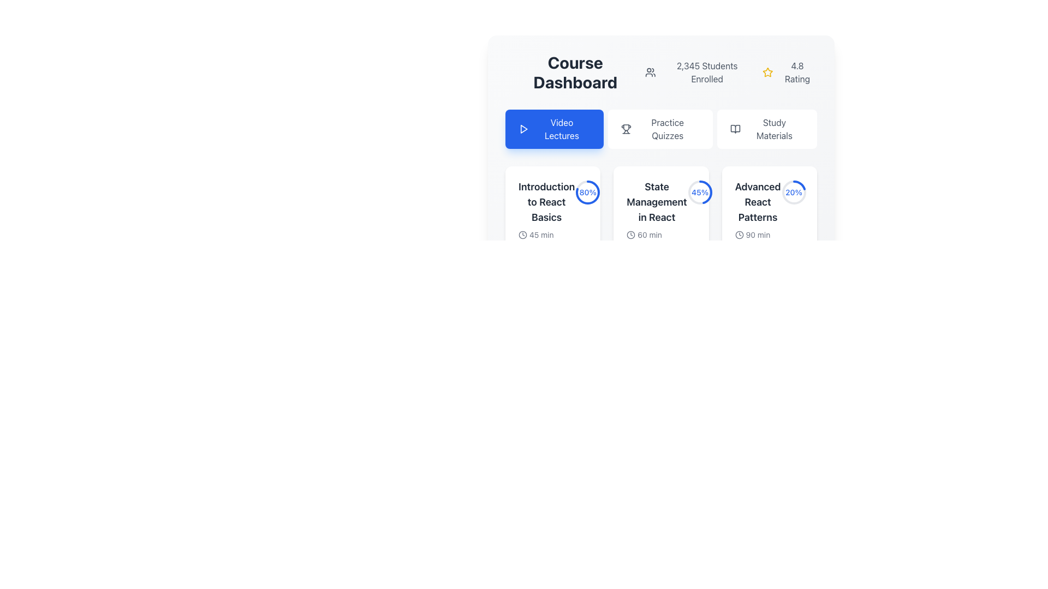 The image size is (1048, 589). What do you see at coordinates (735, 128) in the screenshot?
I see `the study materials icon located in the top-right corner of the interface, adjacent to the 'open book' depiction` at bounding box center [735, 128].